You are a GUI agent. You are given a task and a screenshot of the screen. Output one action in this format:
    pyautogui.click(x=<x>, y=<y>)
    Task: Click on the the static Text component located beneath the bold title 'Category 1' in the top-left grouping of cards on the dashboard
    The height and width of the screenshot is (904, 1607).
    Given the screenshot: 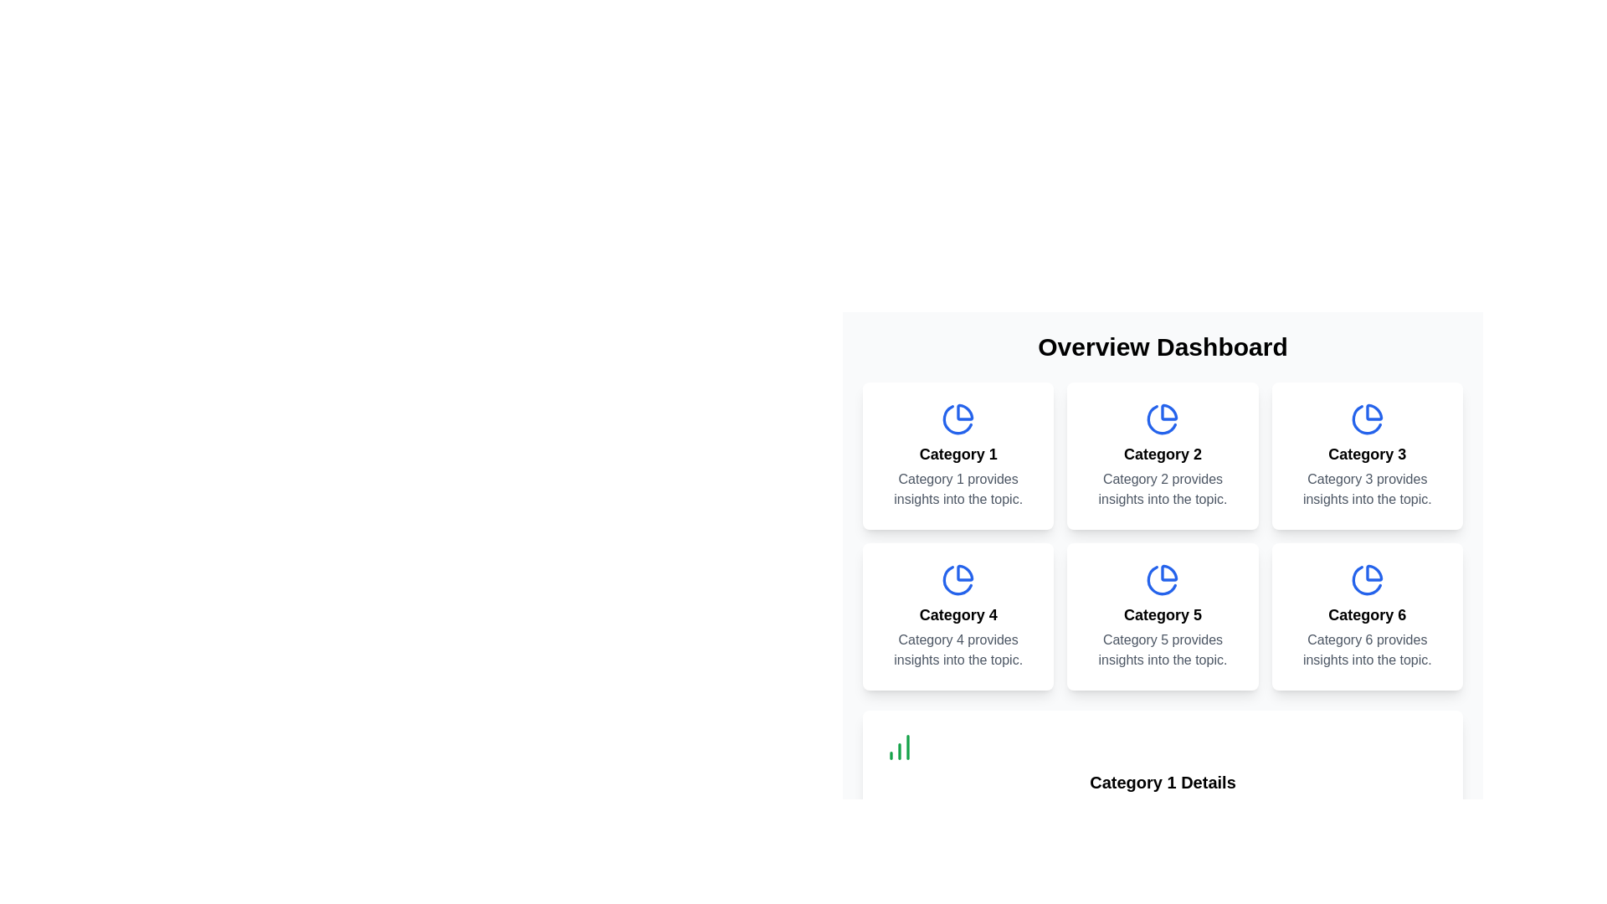 What is the action you would take?
    pyautogui.click(x=958, y=490)
    